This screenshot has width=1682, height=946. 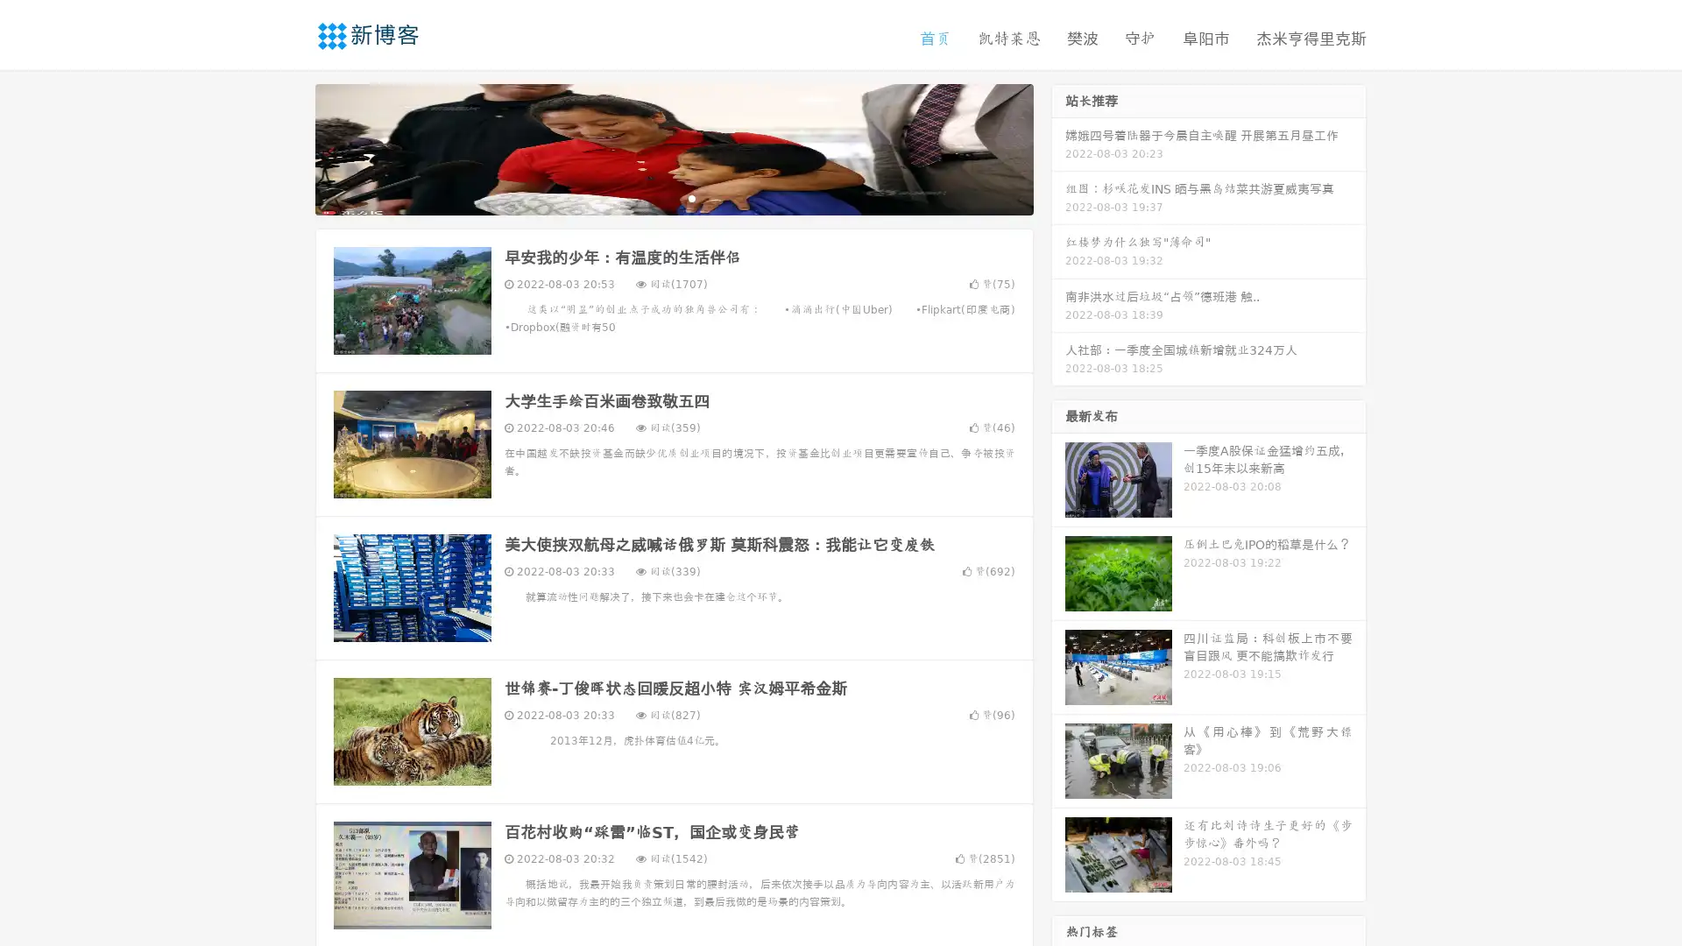 I want to click on Next slide, so click(x=1058, y=147).